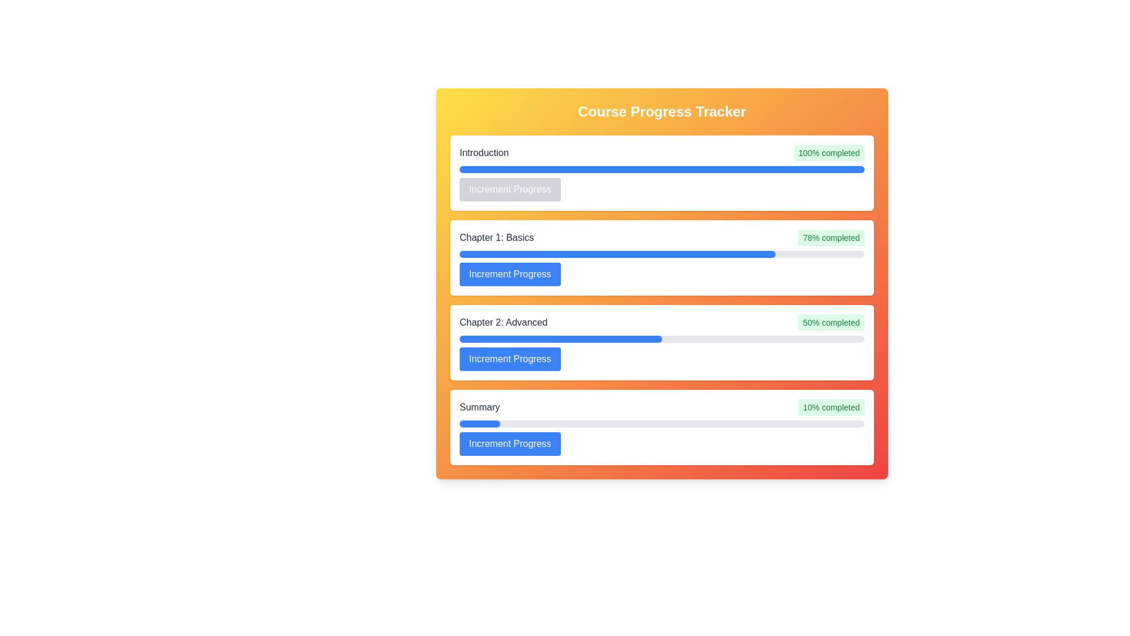 The image size is (1130, 636). I want to click on the button located below the progress bar to increment progress, so click(510, 358).